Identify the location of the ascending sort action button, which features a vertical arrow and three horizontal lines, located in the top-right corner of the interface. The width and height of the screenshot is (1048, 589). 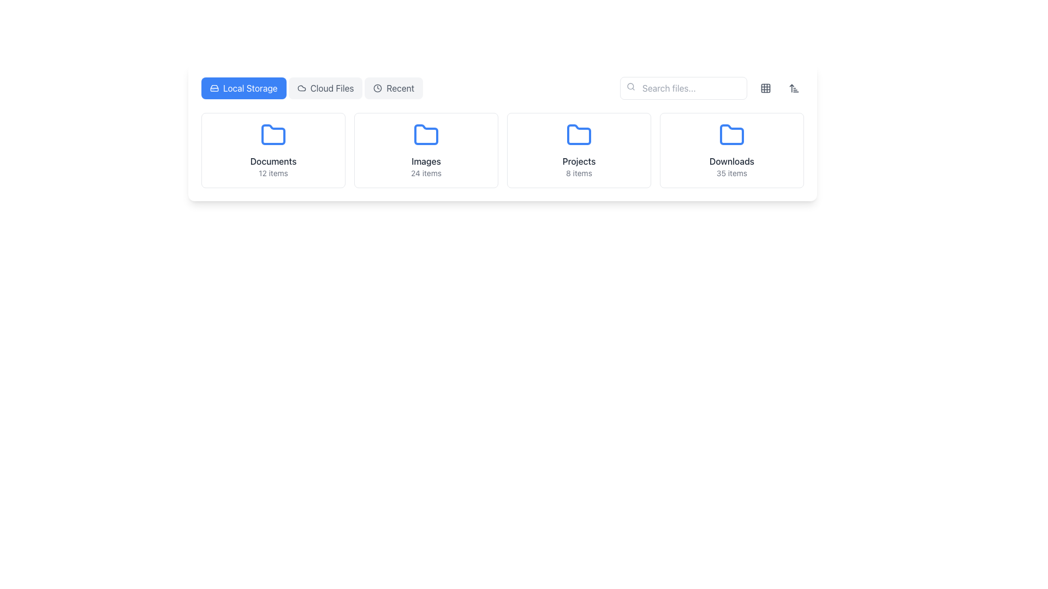
(794, 88).